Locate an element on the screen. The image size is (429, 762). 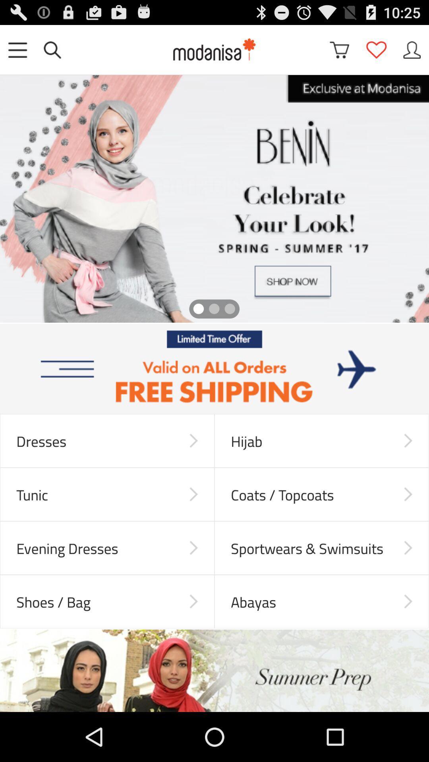
the search icon is located at coordinates (52, 53).